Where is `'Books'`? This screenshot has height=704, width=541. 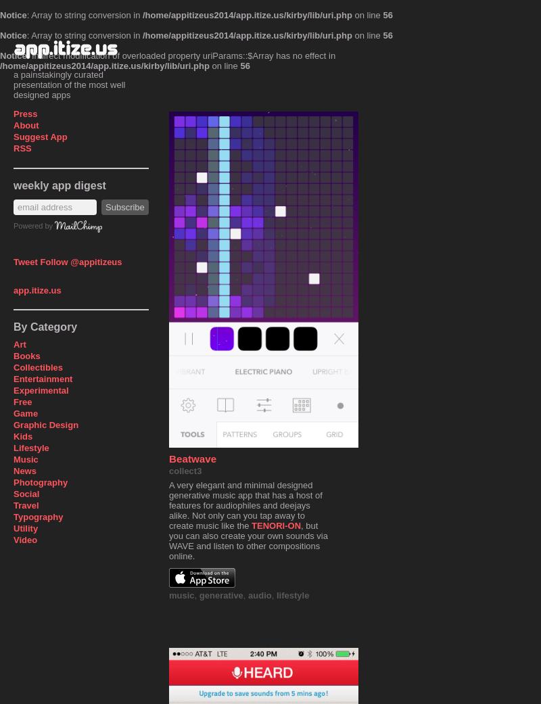
'Books' is located at coordinates (26, 355).